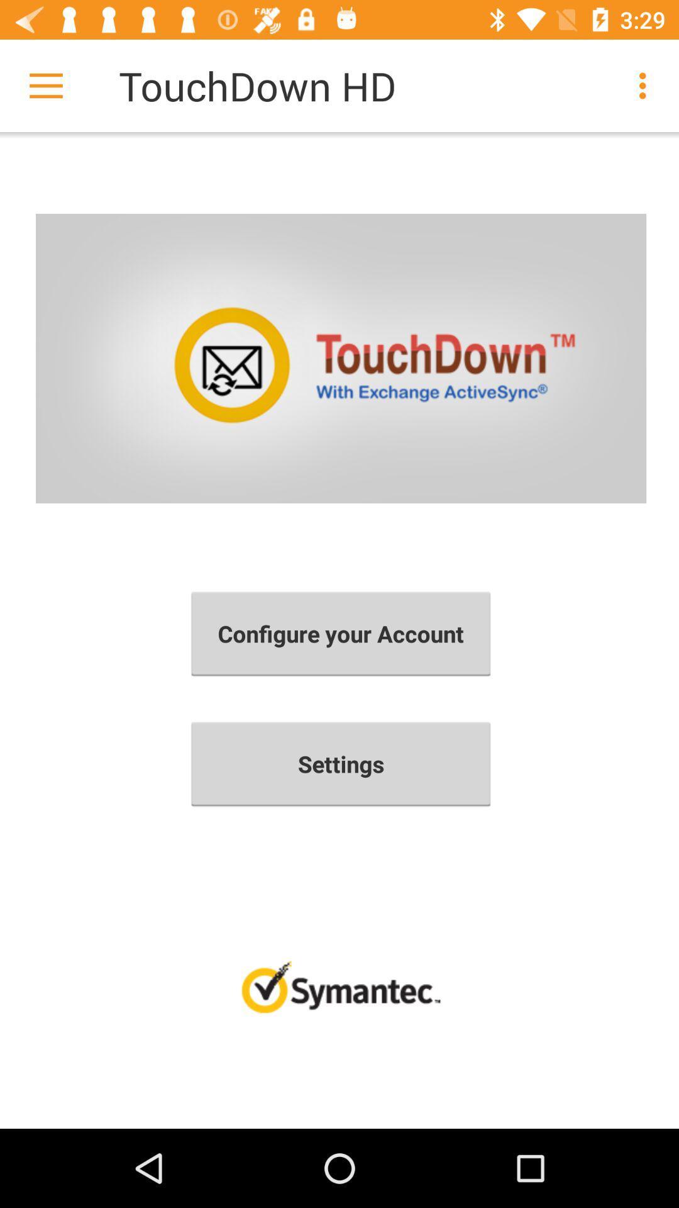  I want to click on the settings, so click(341, 763).